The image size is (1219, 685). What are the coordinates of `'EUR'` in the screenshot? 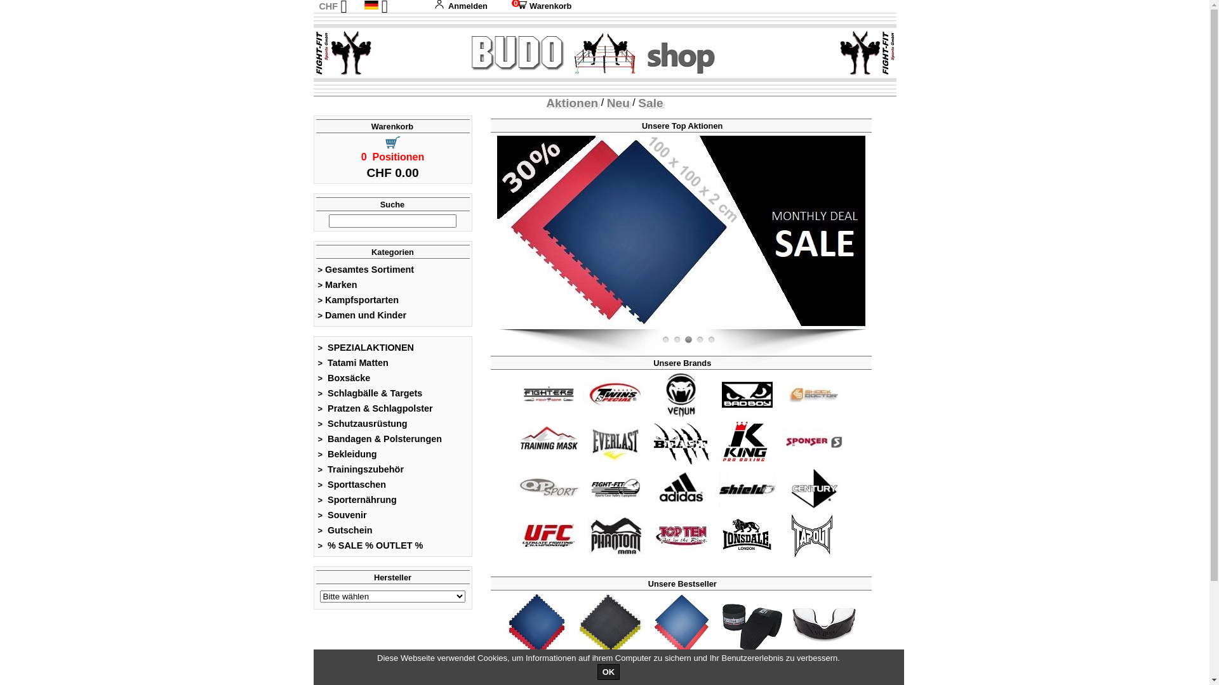 It's located at (327, 19).